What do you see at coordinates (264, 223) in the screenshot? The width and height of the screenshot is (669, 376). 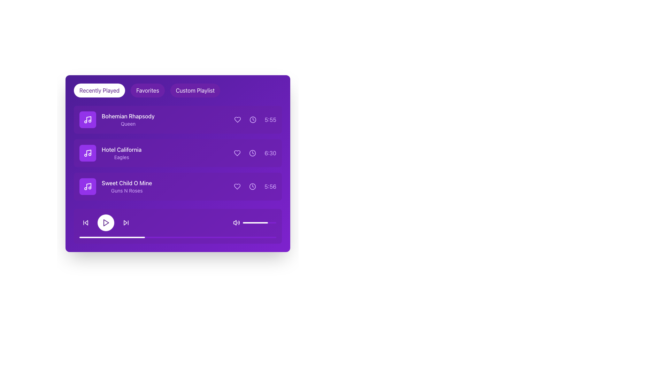 I see `the volume level` at bounding box center [264, 223].